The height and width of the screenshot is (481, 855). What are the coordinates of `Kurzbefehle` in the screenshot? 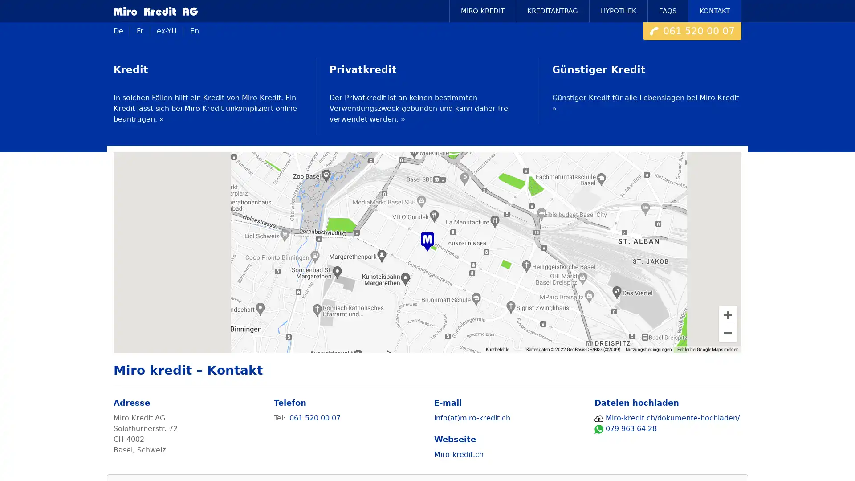 It's located at (509, 348).